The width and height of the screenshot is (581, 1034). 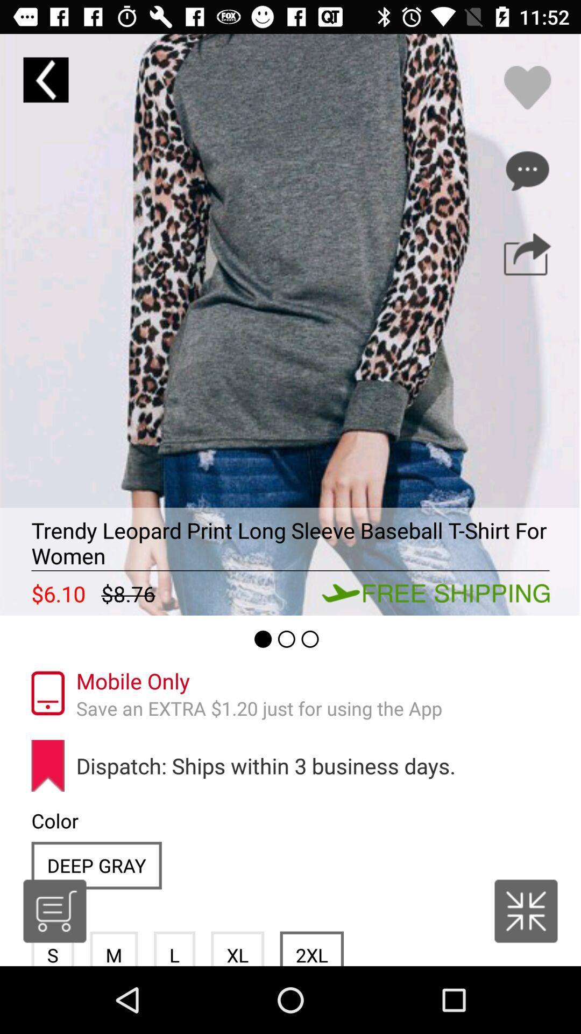 I want to click on icon to the left of 2xl, so click(x=237, y=948).